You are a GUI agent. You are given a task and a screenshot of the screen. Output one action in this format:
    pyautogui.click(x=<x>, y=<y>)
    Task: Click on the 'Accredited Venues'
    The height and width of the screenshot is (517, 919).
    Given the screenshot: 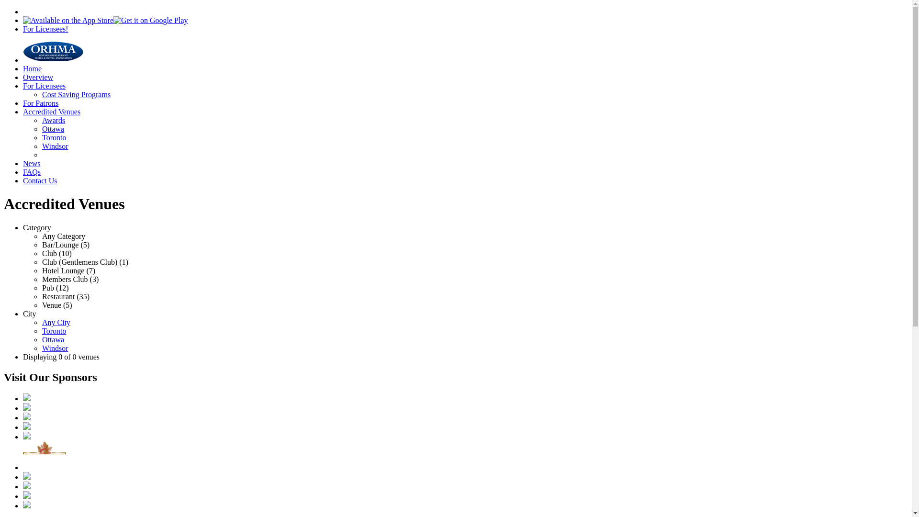 What is the action you would take?
    pyautogui.click(x=51, y=97)
    